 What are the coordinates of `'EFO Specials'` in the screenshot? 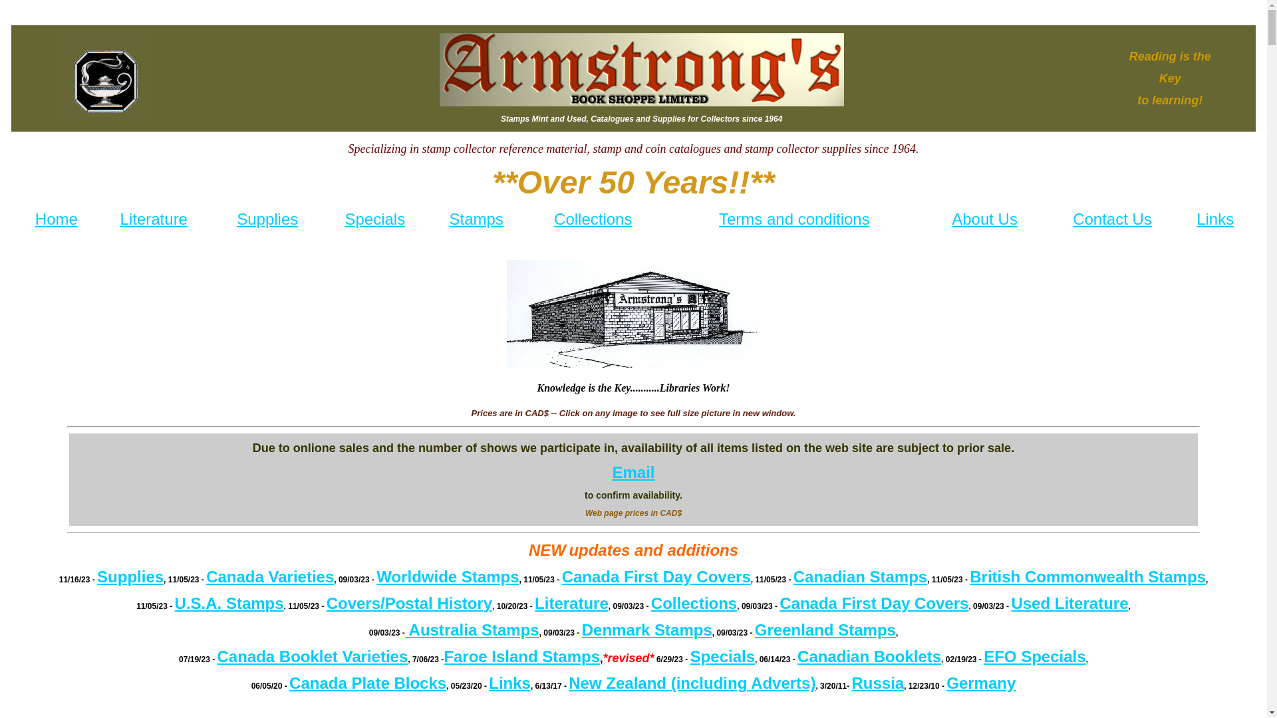 It's located at (983, 656).